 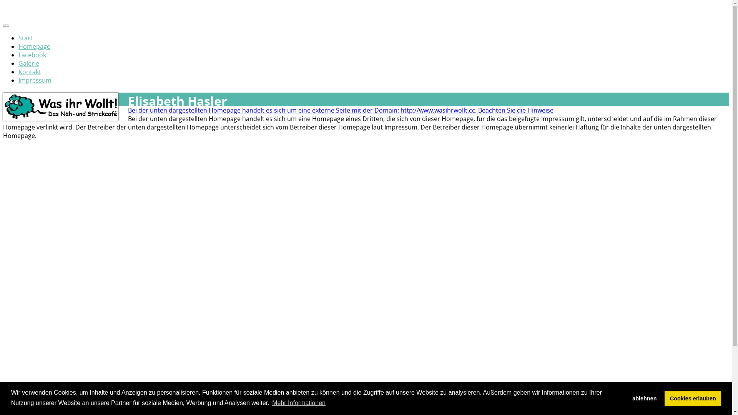 I want to click on 'Mehr Informationen', so click(x=298, y=403).